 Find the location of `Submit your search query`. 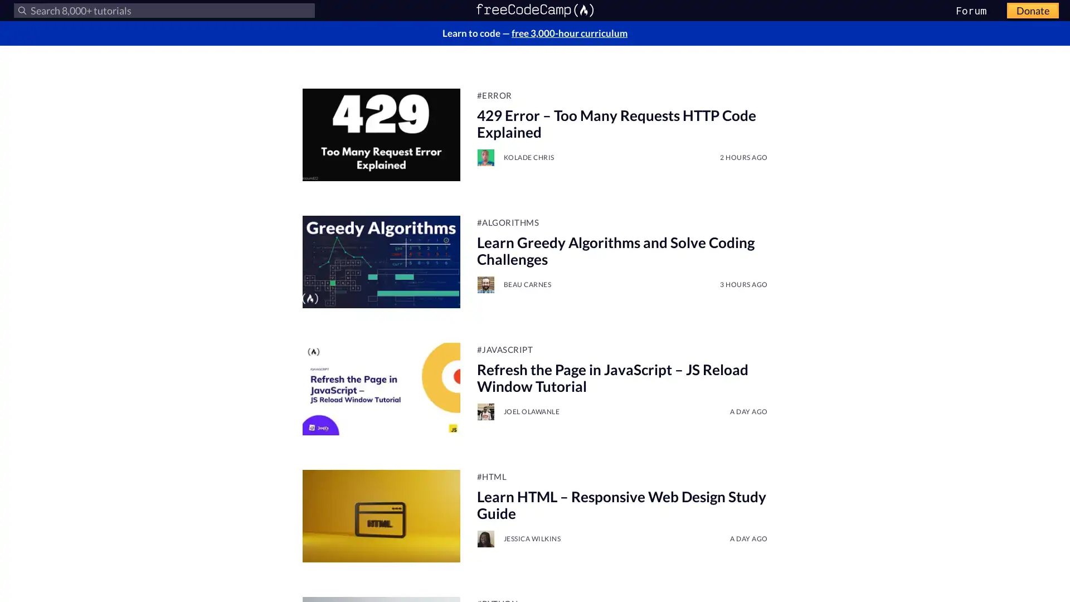

Submit your search query is located at coordinates (22, 11).